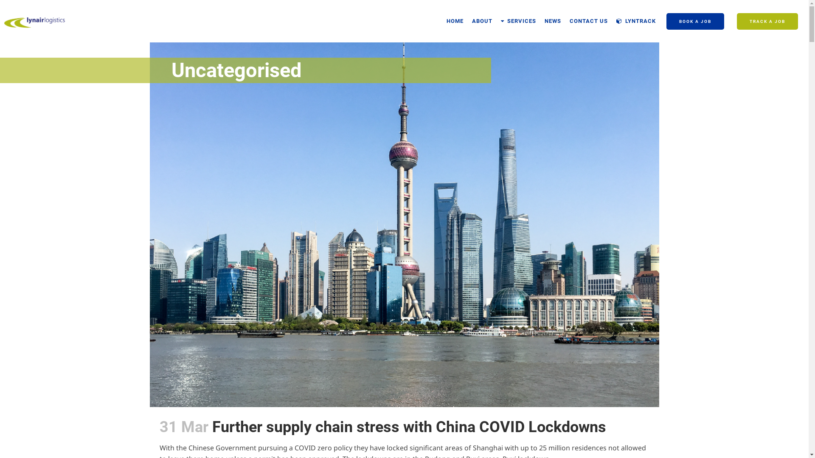 The width and height of the screenshot is (815, 458). I want to click on 'BOOK A JOB', so click(695, 21).